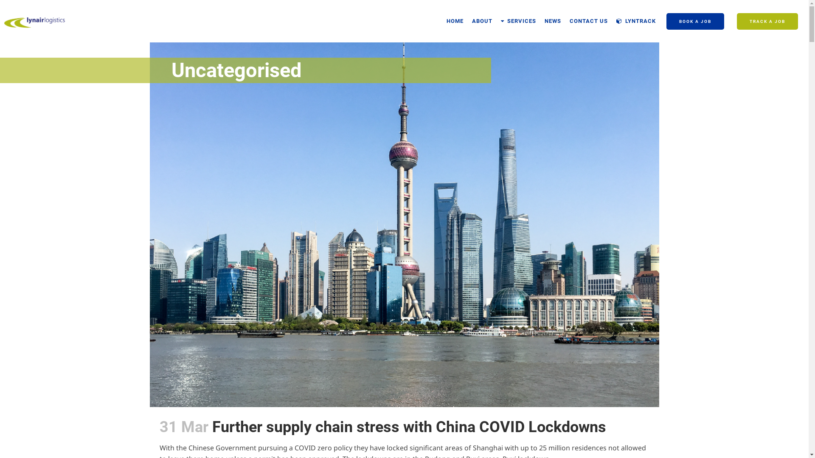 The width and height of the screenshot is (815, 458). I want to click on 'BOOK A JOB', so click(695, 21).